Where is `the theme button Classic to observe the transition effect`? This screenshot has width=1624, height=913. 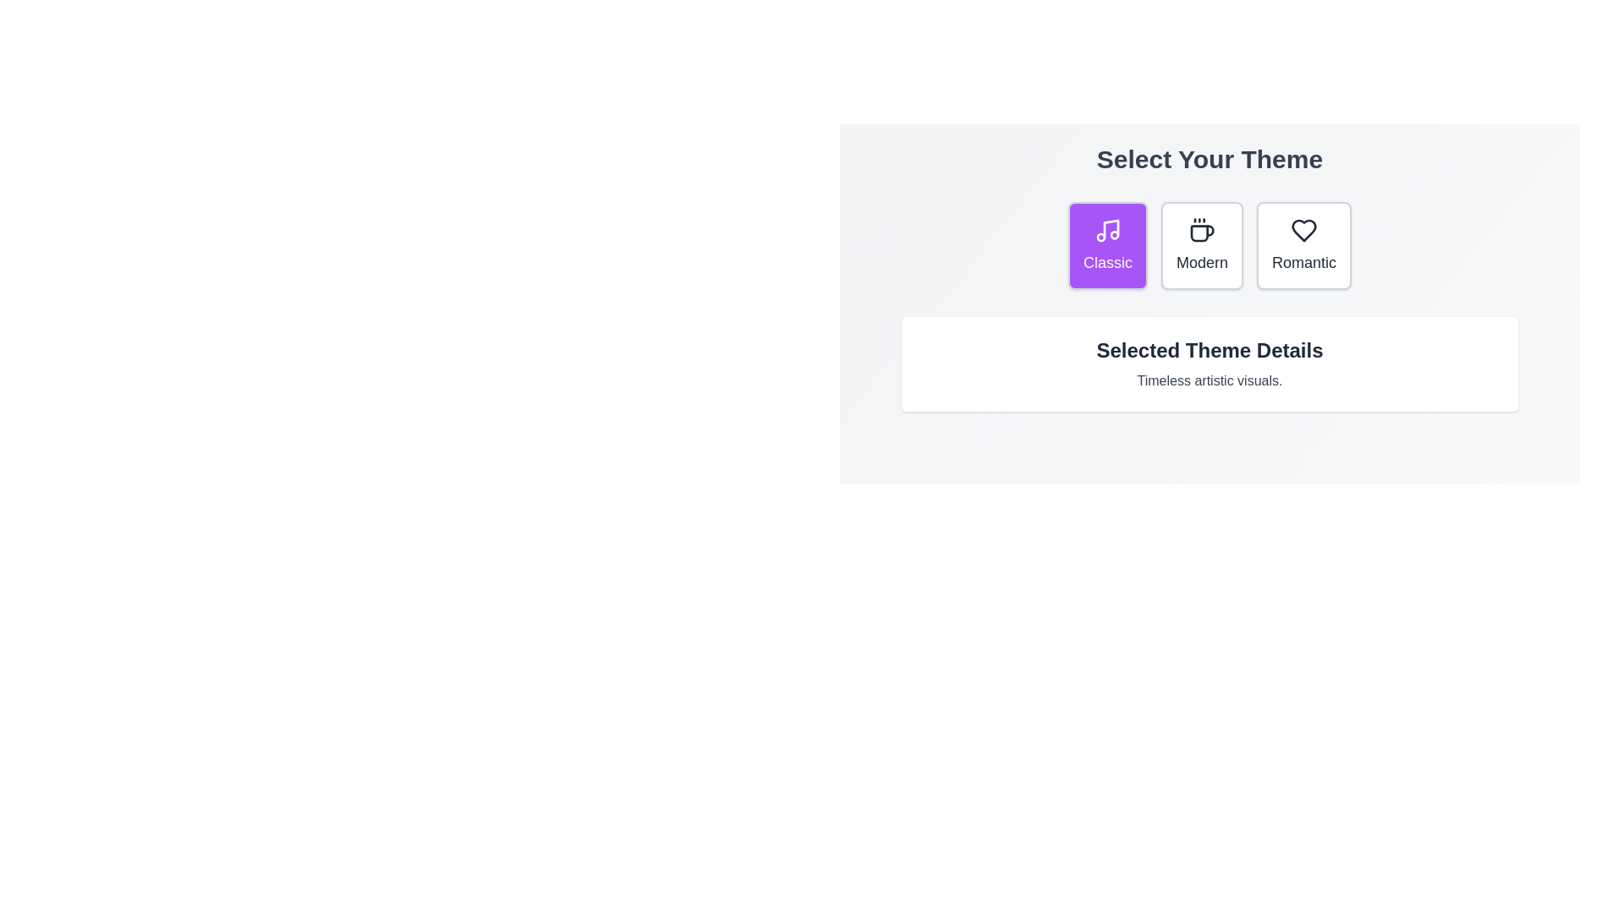
the theme button Classic to observe the transition effect is located at coordinates (1108, 245).